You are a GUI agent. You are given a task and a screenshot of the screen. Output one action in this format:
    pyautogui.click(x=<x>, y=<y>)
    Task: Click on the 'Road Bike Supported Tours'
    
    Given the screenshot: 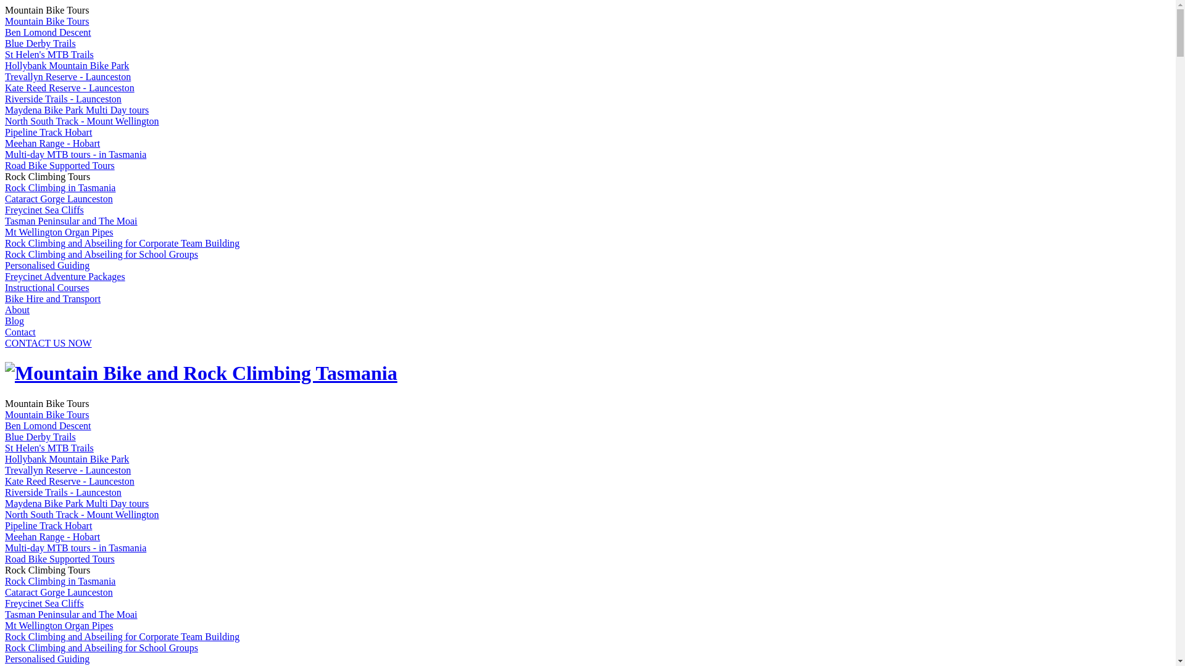 What is the action you would take?
    pyautogui.click(x=59, y=559)
    